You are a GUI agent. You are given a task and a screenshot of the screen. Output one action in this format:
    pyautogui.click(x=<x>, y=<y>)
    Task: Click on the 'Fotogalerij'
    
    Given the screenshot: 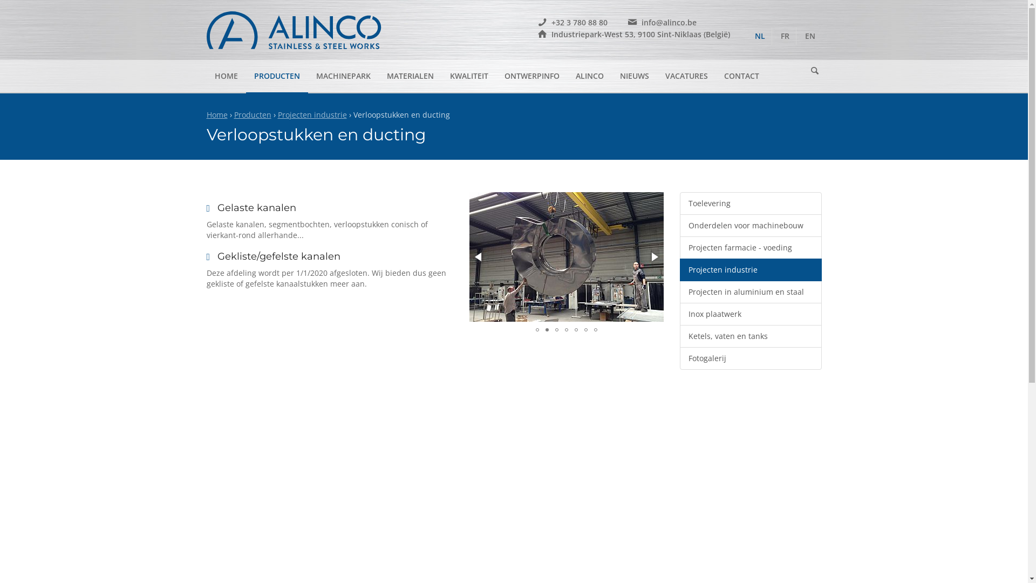 What is the action you would take?
    pyautogui.click(x=679, y=358)
    